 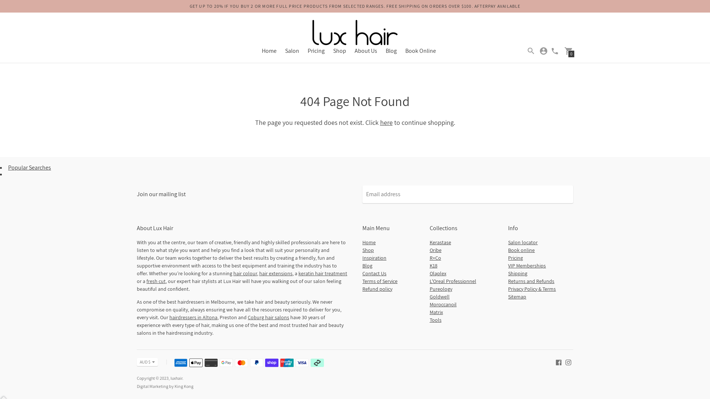 What do you see at coordinates (435, 320) in the screenshot?
I see `'Tools'` at bounding box center [435, 320].